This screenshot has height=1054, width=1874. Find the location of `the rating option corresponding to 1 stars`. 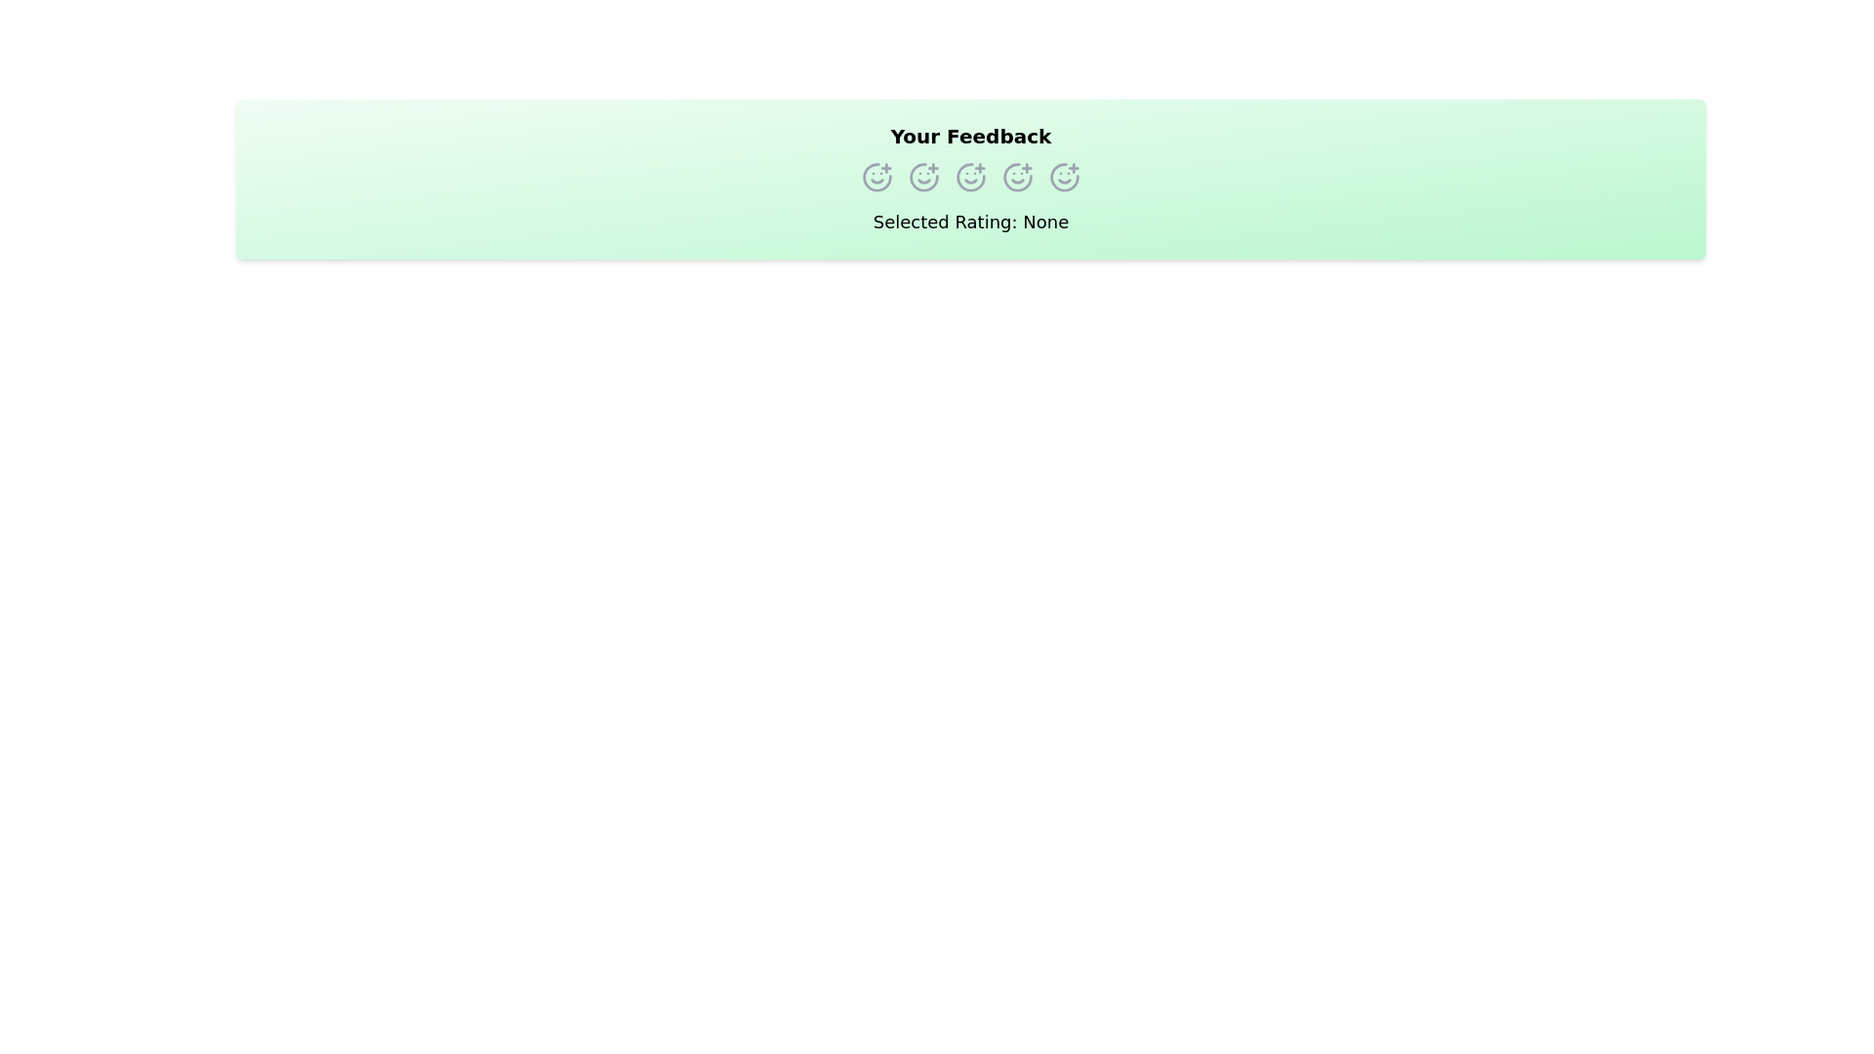

the rating option corresponding to 1 stars is located at coordinates (876, 177).